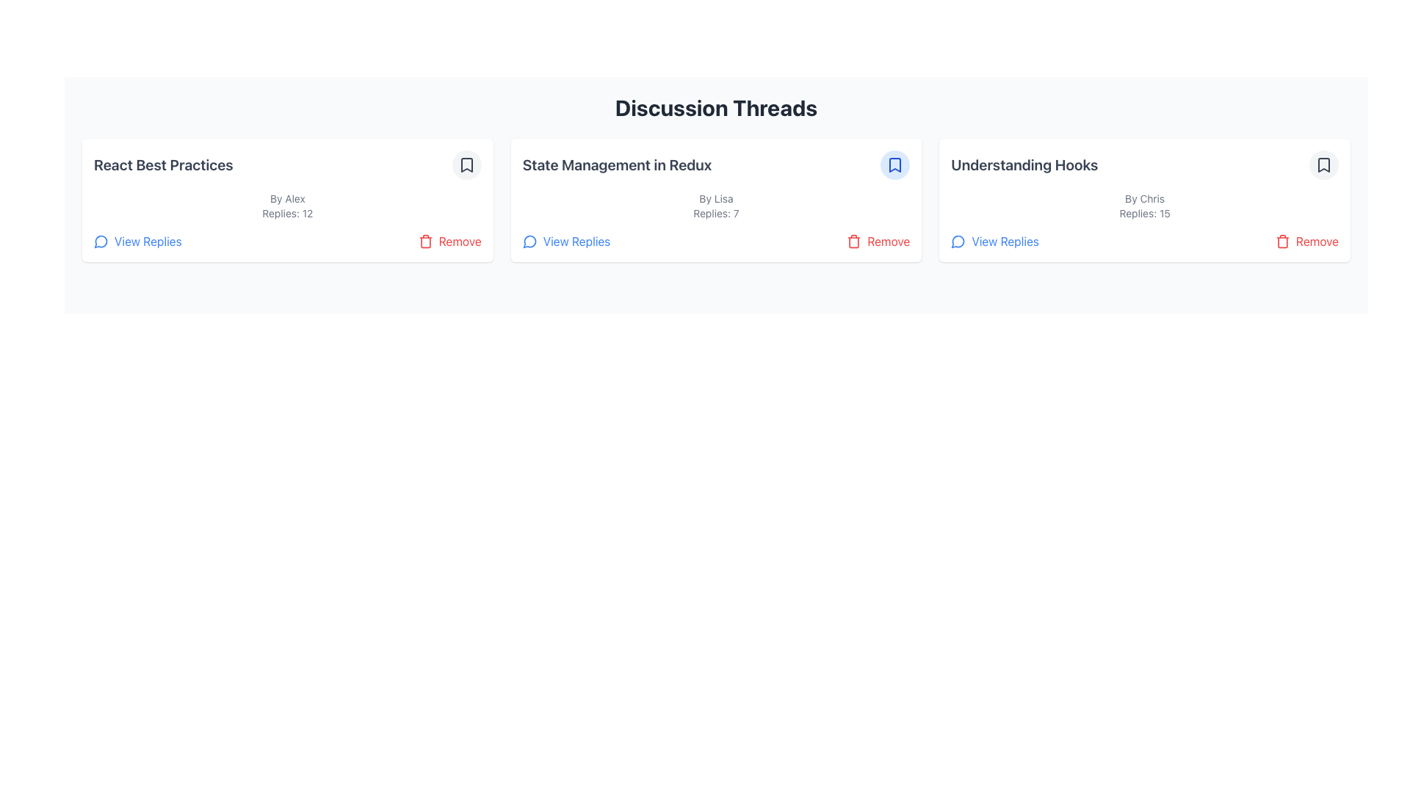 This screenshot has width=1410, height=793. Describe the element at coordinates (958, 241) in the screenshot. I see `the discussion icon located in the bottom-left corner of the 'React Best Practices' card, which visually indicates reply counts and provides access to replies` at that location.